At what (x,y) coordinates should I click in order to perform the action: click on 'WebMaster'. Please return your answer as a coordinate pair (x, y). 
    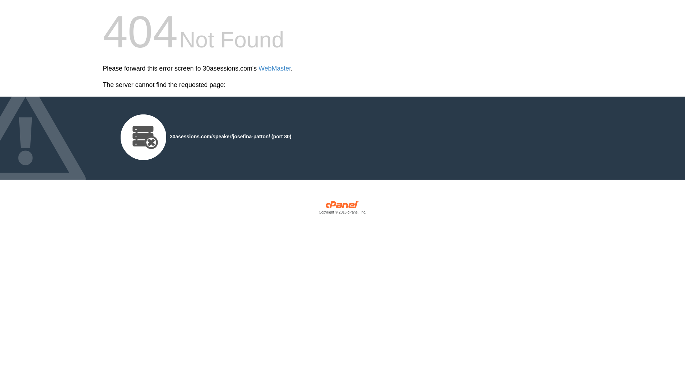
    Looking at the image, I should click on (274, 68).